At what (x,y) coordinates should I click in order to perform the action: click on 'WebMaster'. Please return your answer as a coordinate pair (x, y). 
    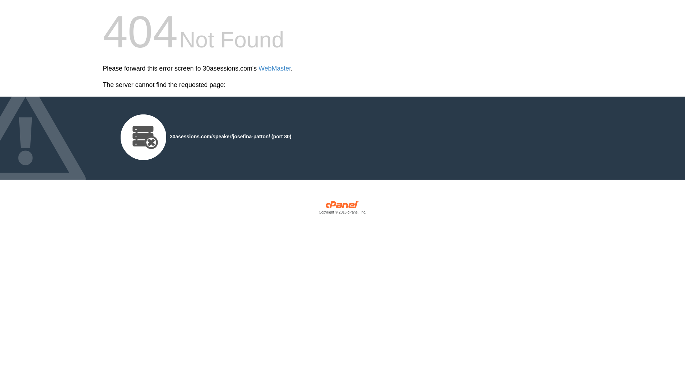
    Looking at the image, I should click on (274, 68).